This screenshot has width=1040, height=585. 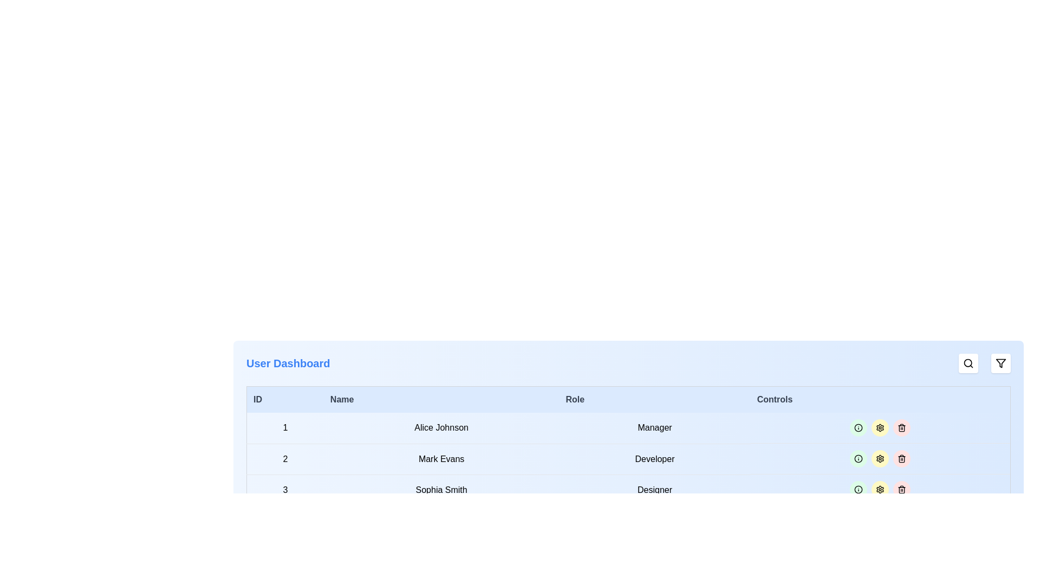 I want to click on the first circular button with a green background and a black 'info' symbol, so click(x=857, y=459).